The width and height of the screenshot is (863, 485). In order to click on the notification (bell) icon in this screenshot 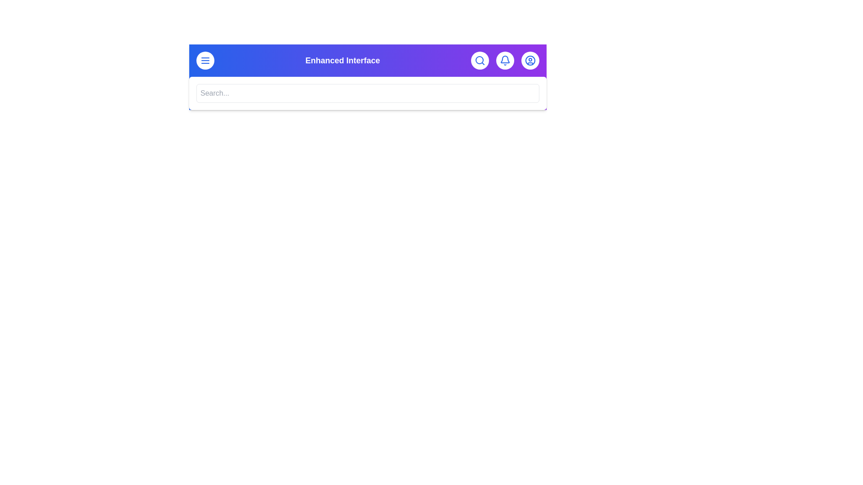, I will do `click(505, 61)`.